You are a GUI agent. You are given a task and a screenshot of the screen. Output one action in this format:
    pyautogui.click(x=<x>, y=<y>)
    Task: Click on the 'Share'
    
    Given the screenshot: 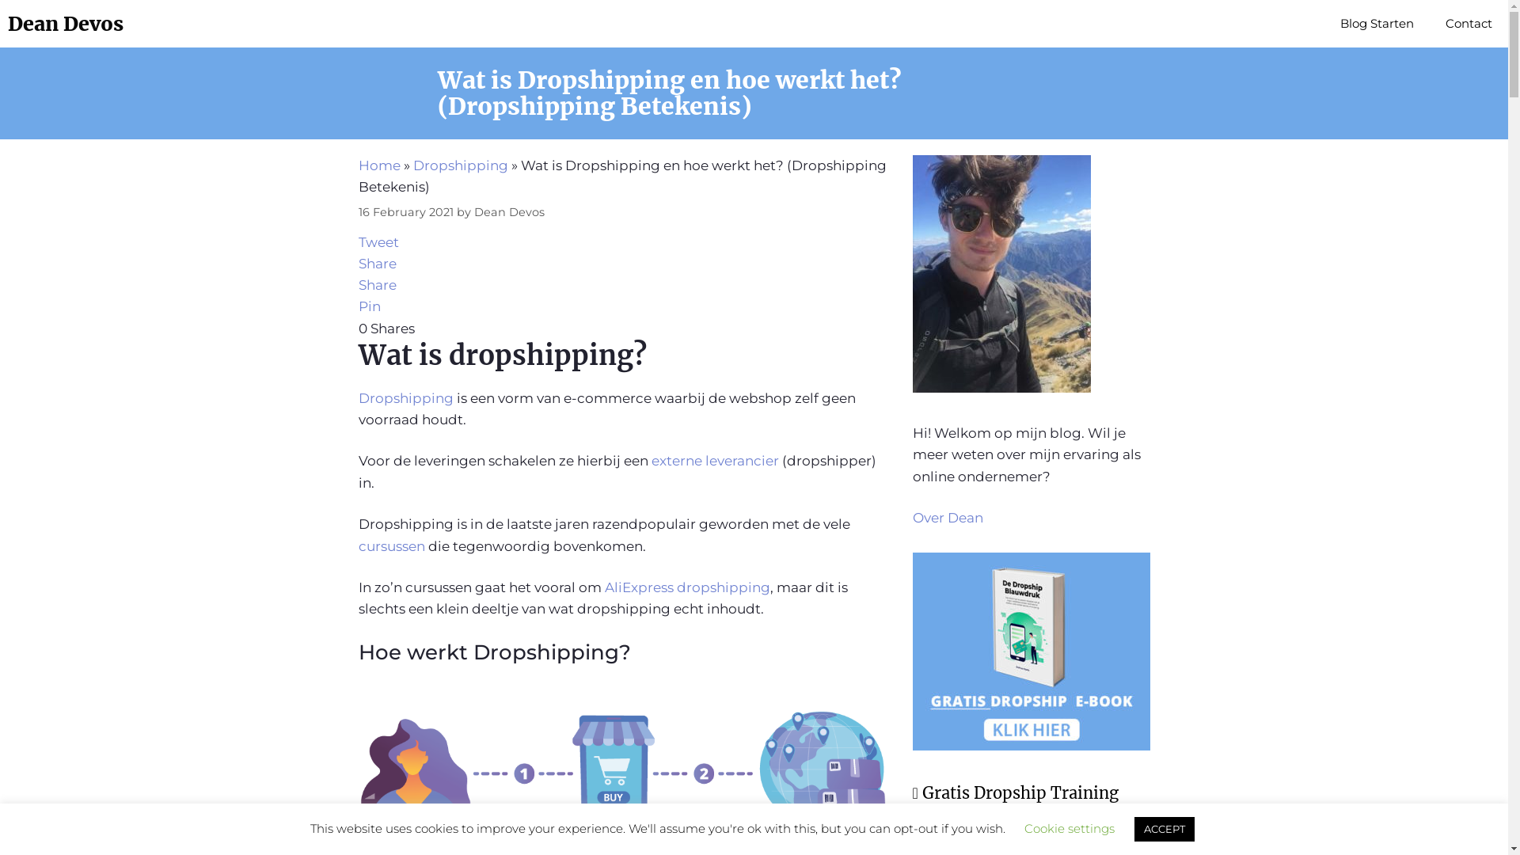 What is the action you would take?
    pyautogui.click(x=375, y=283)
    